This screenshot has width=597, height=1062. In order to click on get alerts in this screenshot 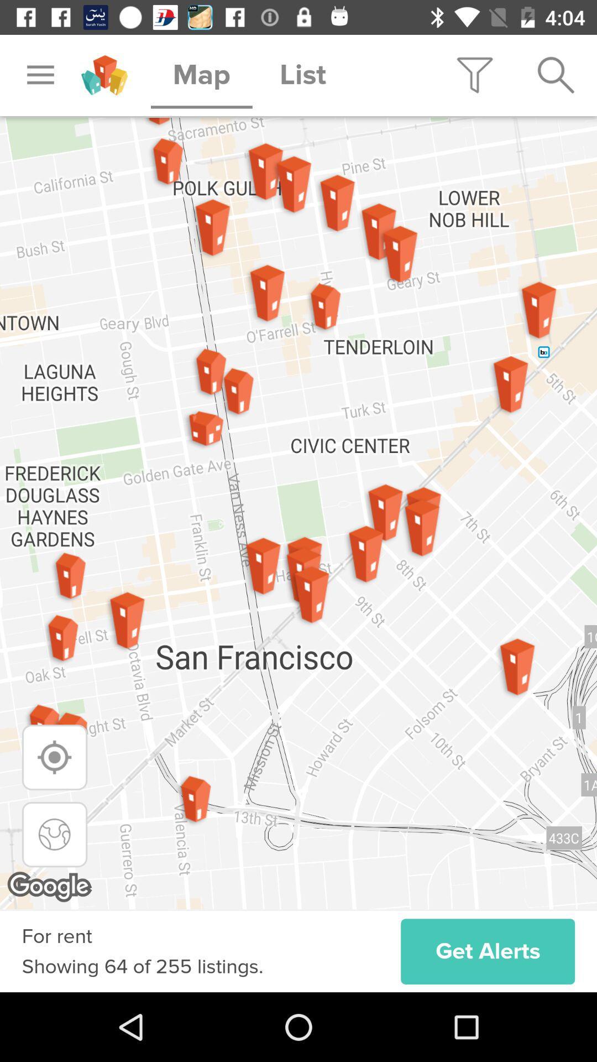, I will do `click(487, 951)`.